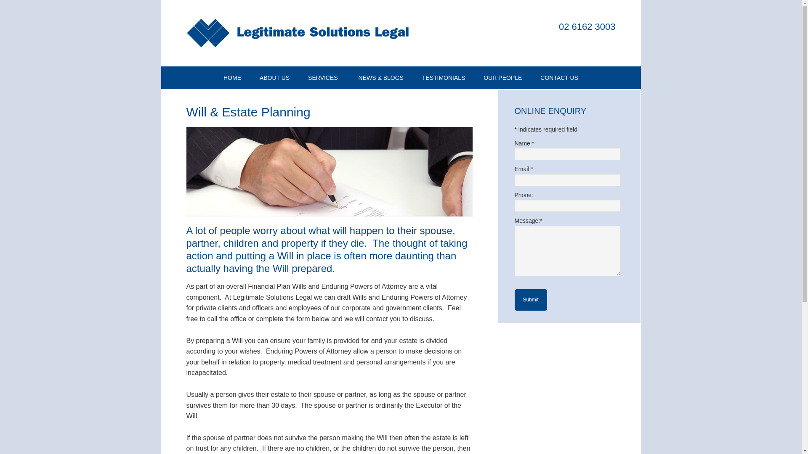  What do you see at coordinates (530, 299) in the screenshot?
I see `'Submit'` at bounding box center [530, 299].